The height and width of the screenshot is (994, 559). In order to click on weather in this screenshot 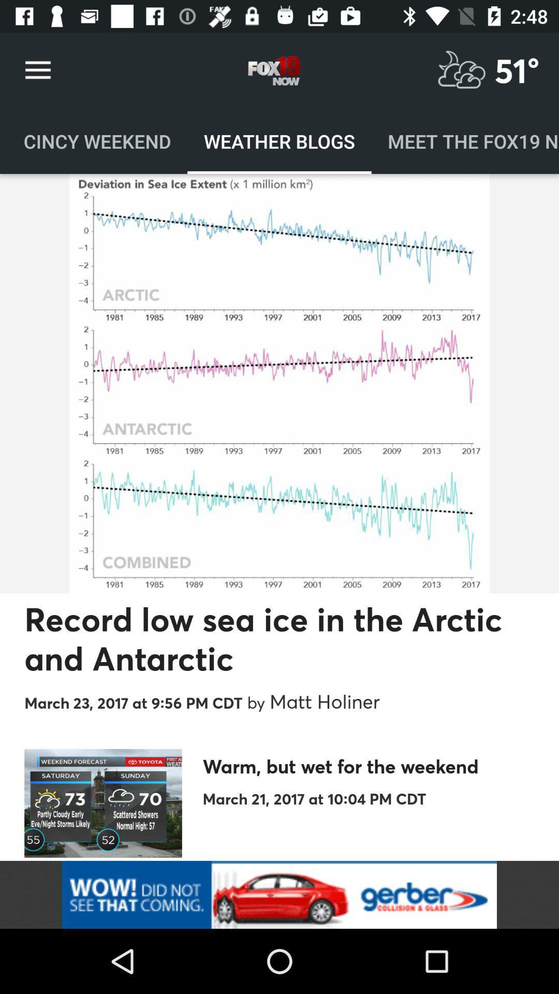, I will do `click(461, 70)`.